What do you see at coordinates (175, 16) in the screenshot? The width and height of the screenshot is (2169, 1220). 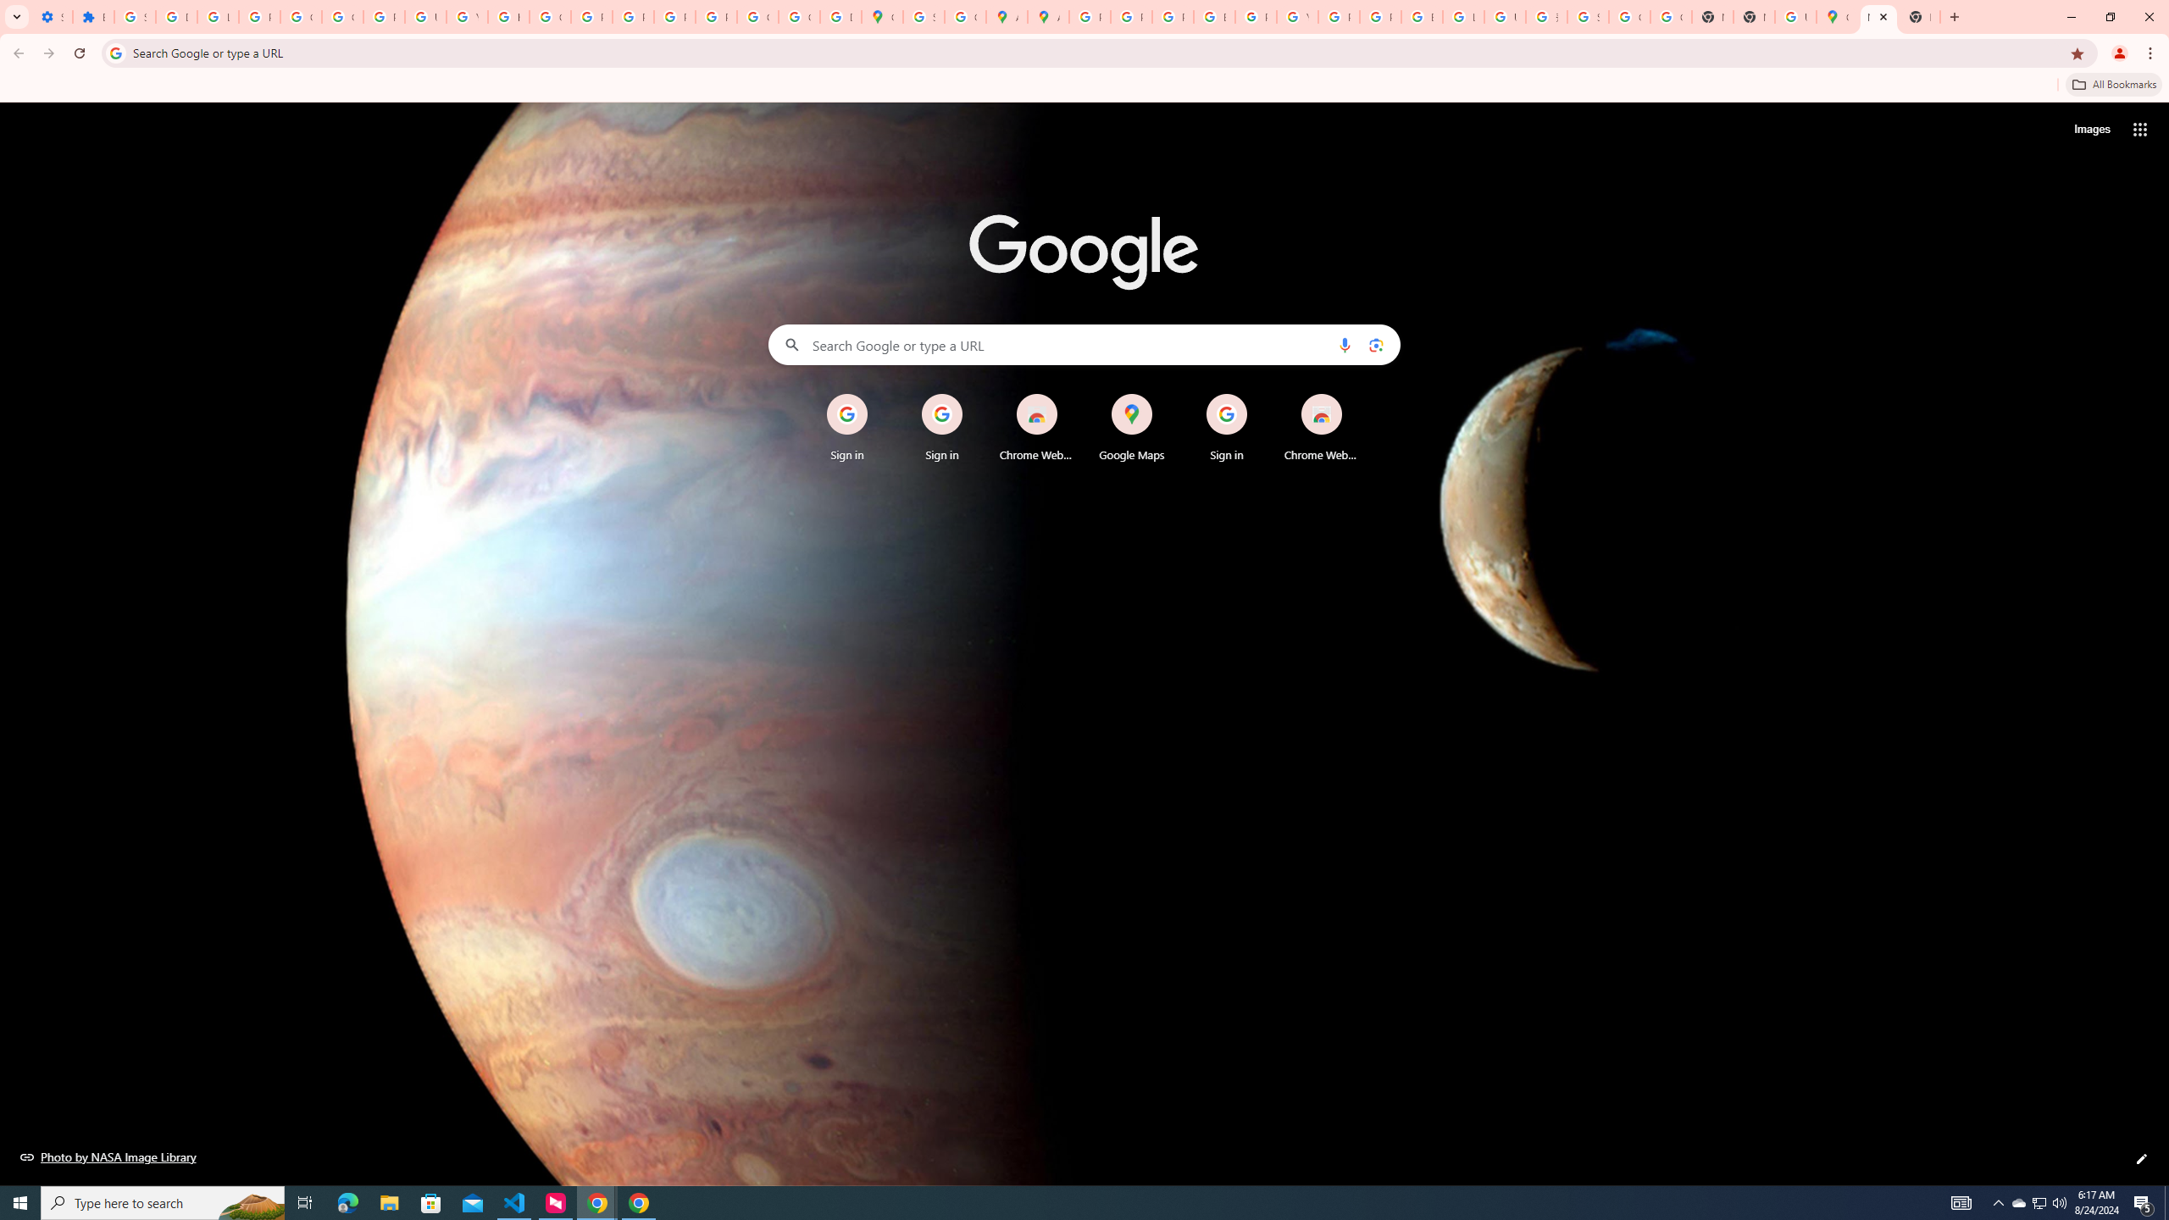 I see `'Delete photos & videos - Computer - Google Photos Help'` at bounding box center [175, 16].